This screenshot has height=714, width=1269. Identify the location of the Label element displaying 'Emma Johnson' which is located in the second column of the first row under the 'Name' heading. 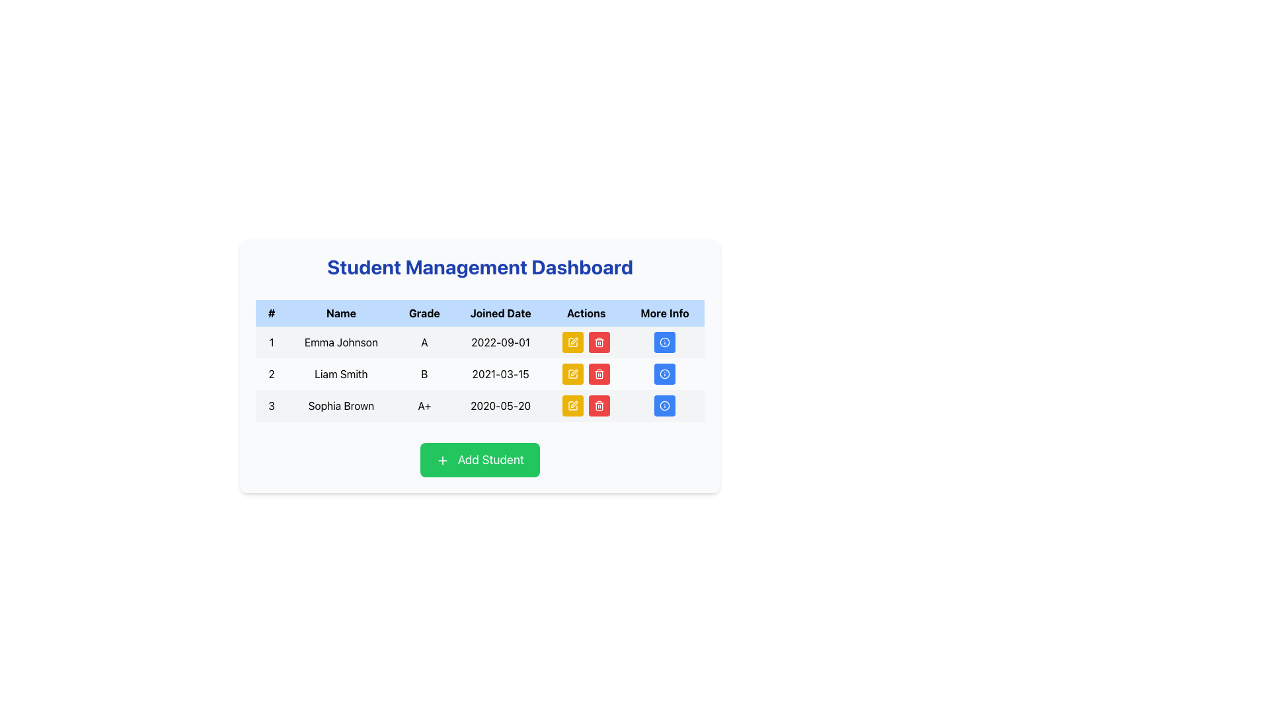
(341, 341).